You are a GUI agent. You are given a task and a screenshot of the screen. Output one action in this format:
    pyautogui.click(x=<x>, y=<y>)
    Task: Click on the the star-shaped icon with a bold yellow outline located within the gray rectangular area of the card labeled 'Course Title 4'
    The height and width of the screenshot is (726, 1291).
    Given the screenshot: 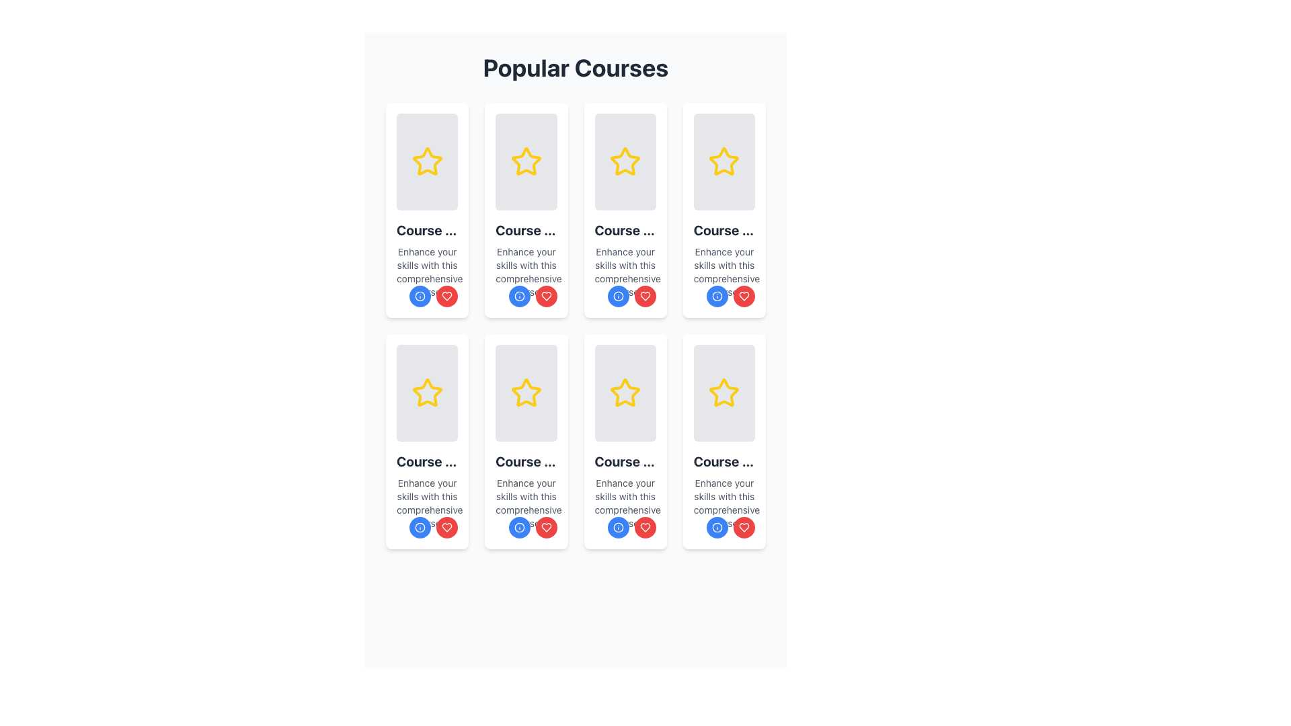 What is the action you would take?
    pyautogui.click(x=723, y=161)
    